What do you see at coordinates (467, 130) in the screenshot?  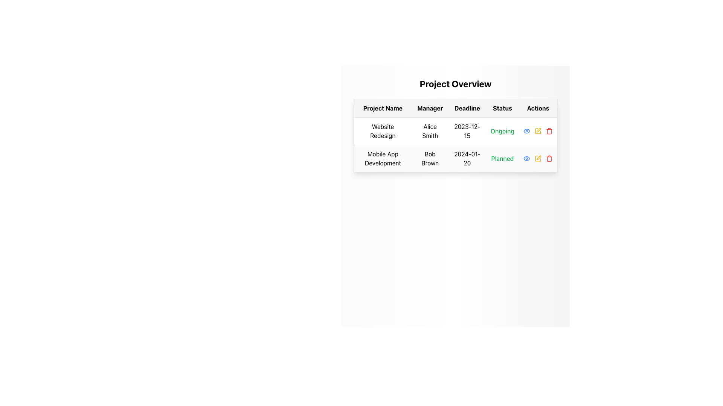 I see `the text label displaying the date '2023-12-15', which is located in the third column of the first row of a table, surrounded by project details and status information` at bounding box center [467, 130].